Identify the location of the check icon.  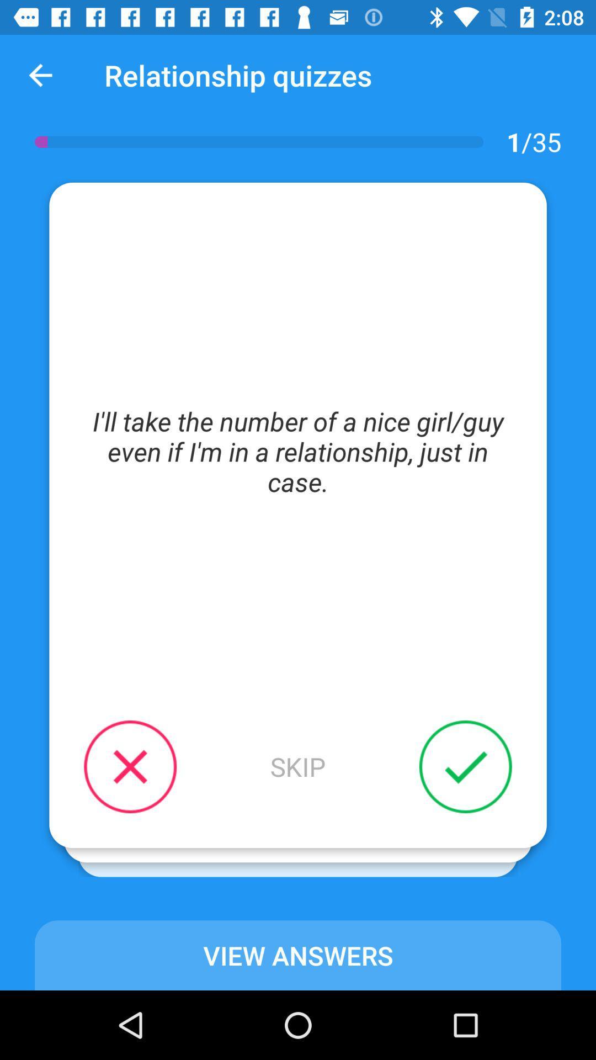
(465, 766).